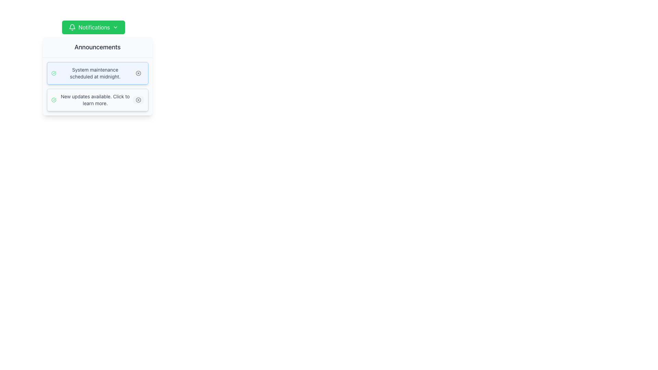  Describe the element at coordinates (138, 100) in the screenshot. I see `circular button with a crossed-out 'X' symbol for accessibility features, located to the far-right of the 'New updates available. Click to learn more.' text in the announcement box` at that location.